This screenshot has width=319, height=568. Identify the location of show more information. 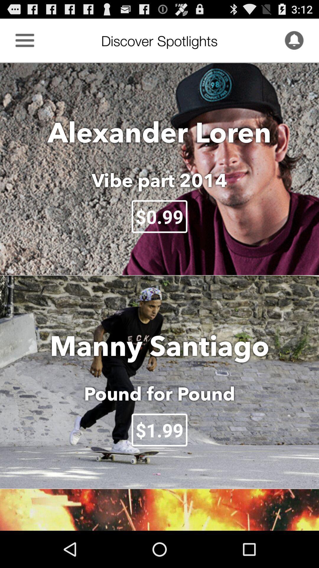
(25, 40).